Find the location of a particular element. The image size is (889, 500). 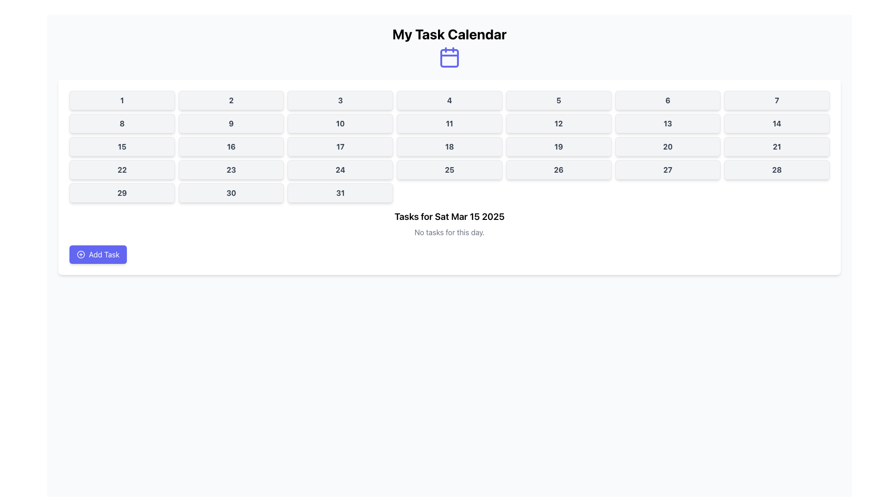

the 'Add Task' button with a blue background and white text is located at coordinates (98, 255).